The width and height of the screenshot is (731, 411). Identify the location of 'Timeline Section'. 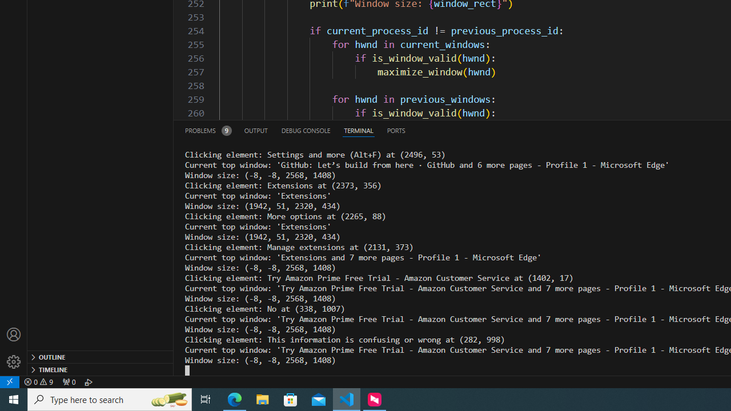
(101, 369).